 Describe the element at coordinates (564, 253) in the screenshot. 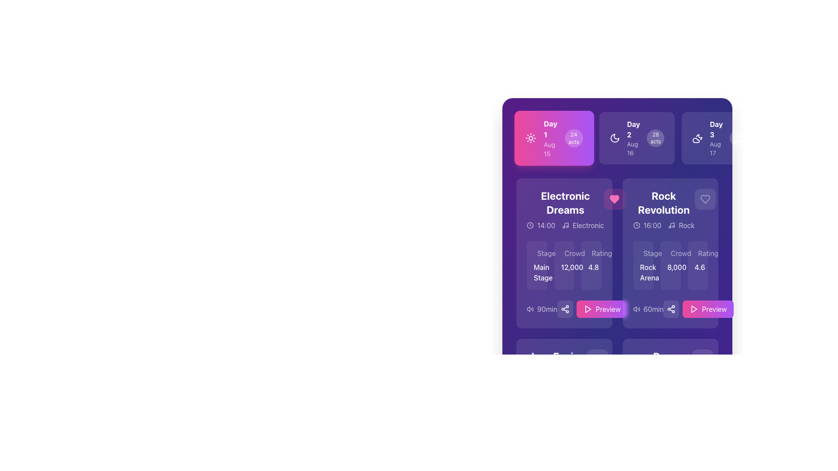

I see `the label displaying the text 'Crowd', which is styled with a subdued white color and positioned above the number '12,000' in the card layout titled 'Electronic Dreams'` at that location.